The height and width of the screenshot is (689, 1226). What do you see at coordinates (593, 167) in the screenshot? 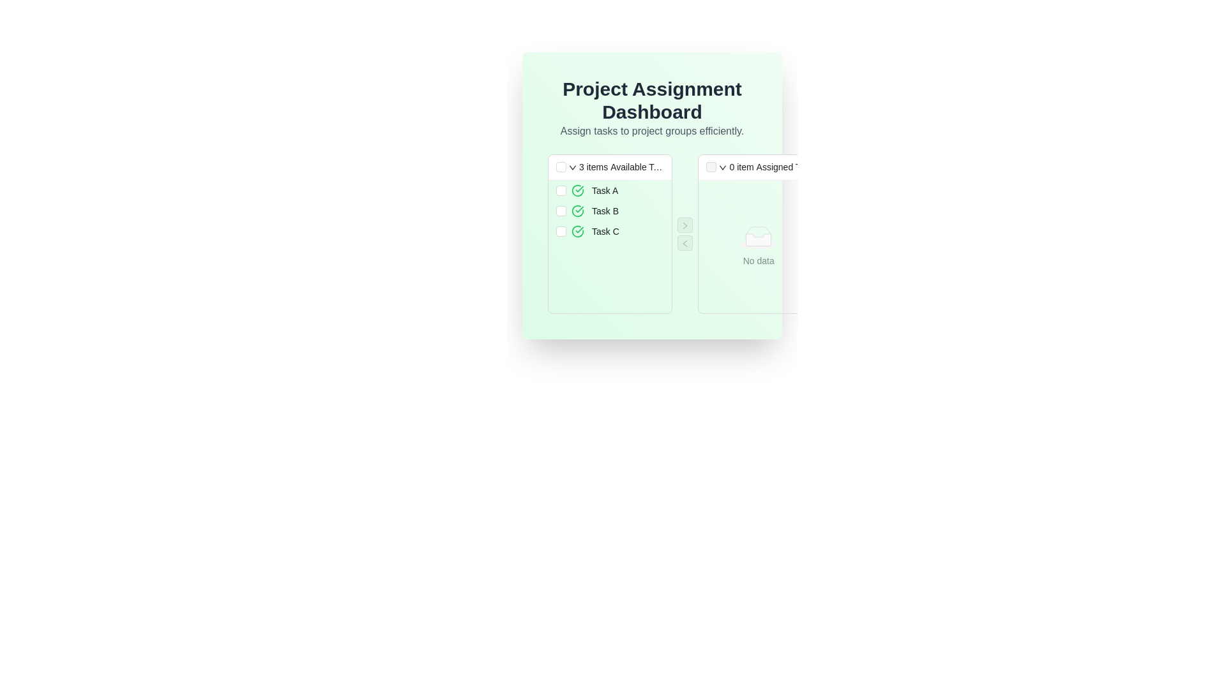
I see `information displayed in the text label that shows '3 items', which is part of the header layout between a checkbox and the text 'Available Tasks'` at bounding box center [593, 167].